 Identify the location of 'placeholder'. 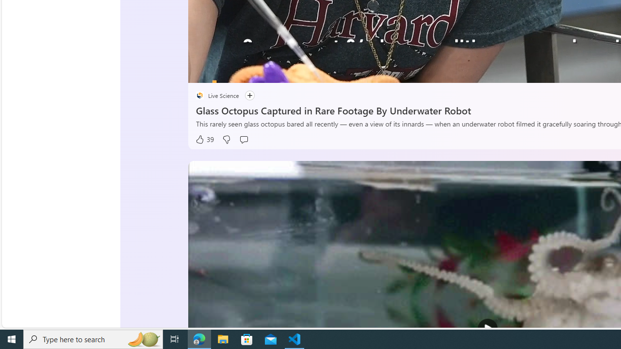
(199, 95).